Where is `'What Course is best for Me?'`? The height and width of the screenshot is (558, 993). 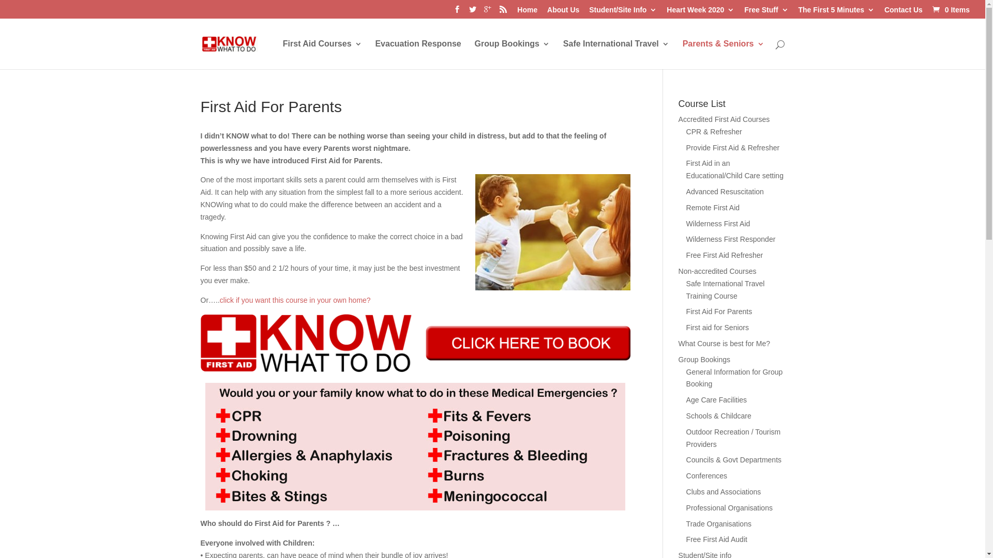
'What Course is best for Me?' is located at coordinates (724, 343).